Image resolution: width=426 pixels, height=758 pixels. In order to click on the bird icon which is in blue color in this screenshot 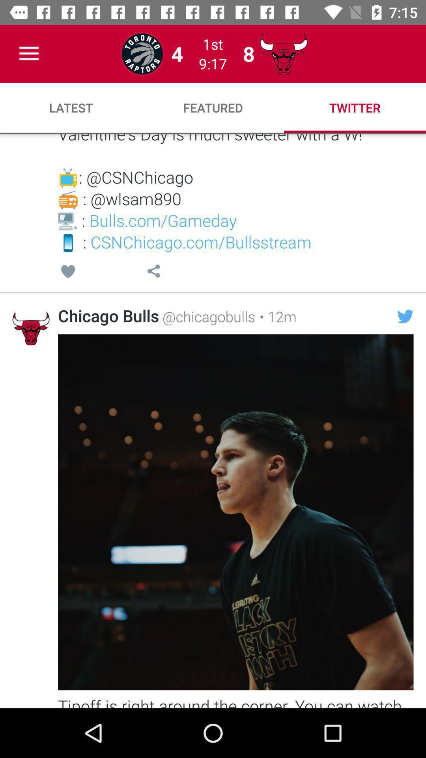, I will do `click(405, 316)`.